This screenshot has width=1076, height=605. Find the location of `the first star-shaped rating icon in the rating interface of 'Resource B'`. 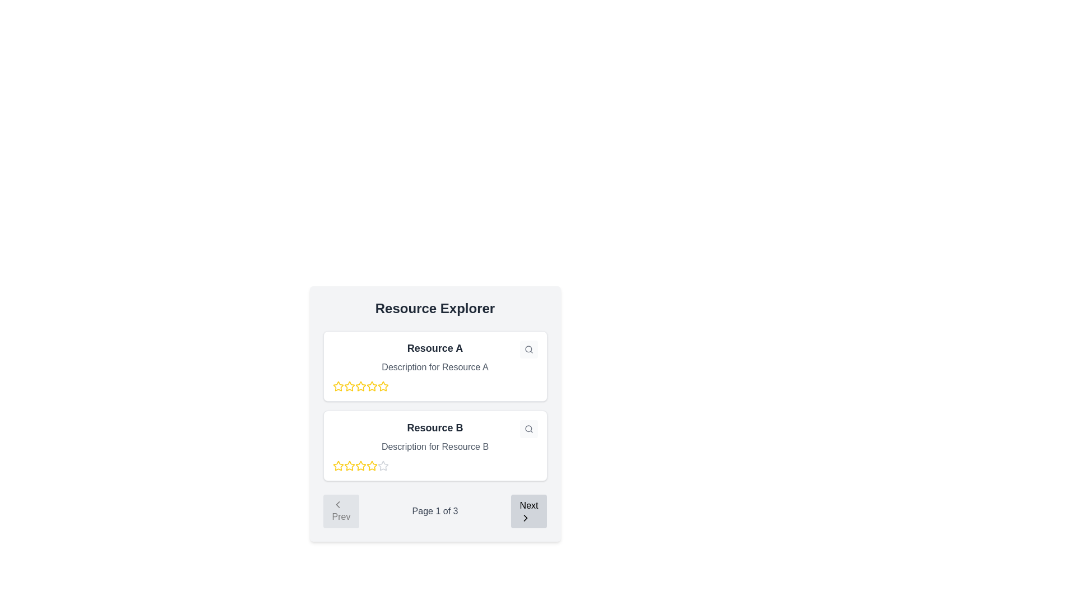

the first star-shaped rating icon in the rating interface of 'Resource B' is located at coordinates (337, 466).